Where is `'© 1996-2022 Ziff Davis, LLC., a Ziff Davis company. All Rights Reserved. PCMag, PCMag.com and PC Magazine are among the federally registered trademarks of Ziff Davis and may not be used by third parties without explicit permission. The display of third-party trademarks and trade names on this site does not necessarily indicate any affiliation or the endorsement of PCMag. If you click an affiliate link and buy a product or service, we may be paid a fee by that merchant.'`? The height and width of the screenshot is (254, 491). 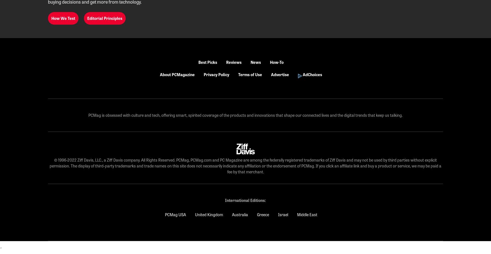 '© 1996-2022 Ziff Davis, LLC., a Ziff Davis company. All Rights Reserved. PCMag, PCMag.com and PC Magazine are among the federally registered trademarks of Ziff Davis and may not be used by third parties without explicit permission. The display of third-party trademarks and trade names on this site does not necessarily indicate any affiliation or the endorsement of PCMag. If you click an affiliate link and buy a product or service, we may be paid a fee by that merchant.' is located at coordinates (245, 165).